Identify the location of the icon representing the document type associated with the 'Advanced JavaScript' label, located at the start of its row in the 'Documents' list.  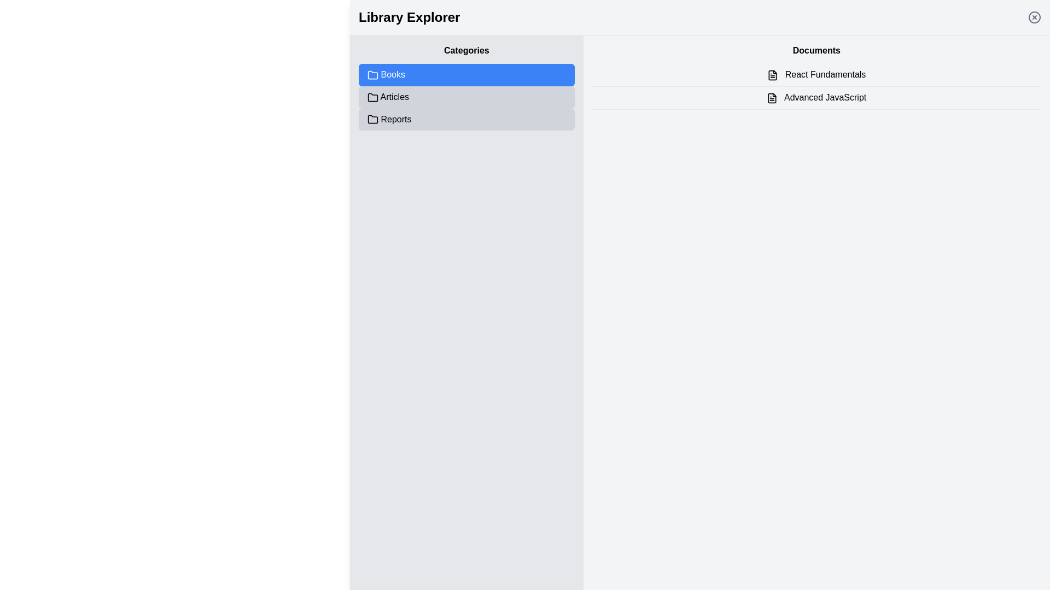
(772, 97).